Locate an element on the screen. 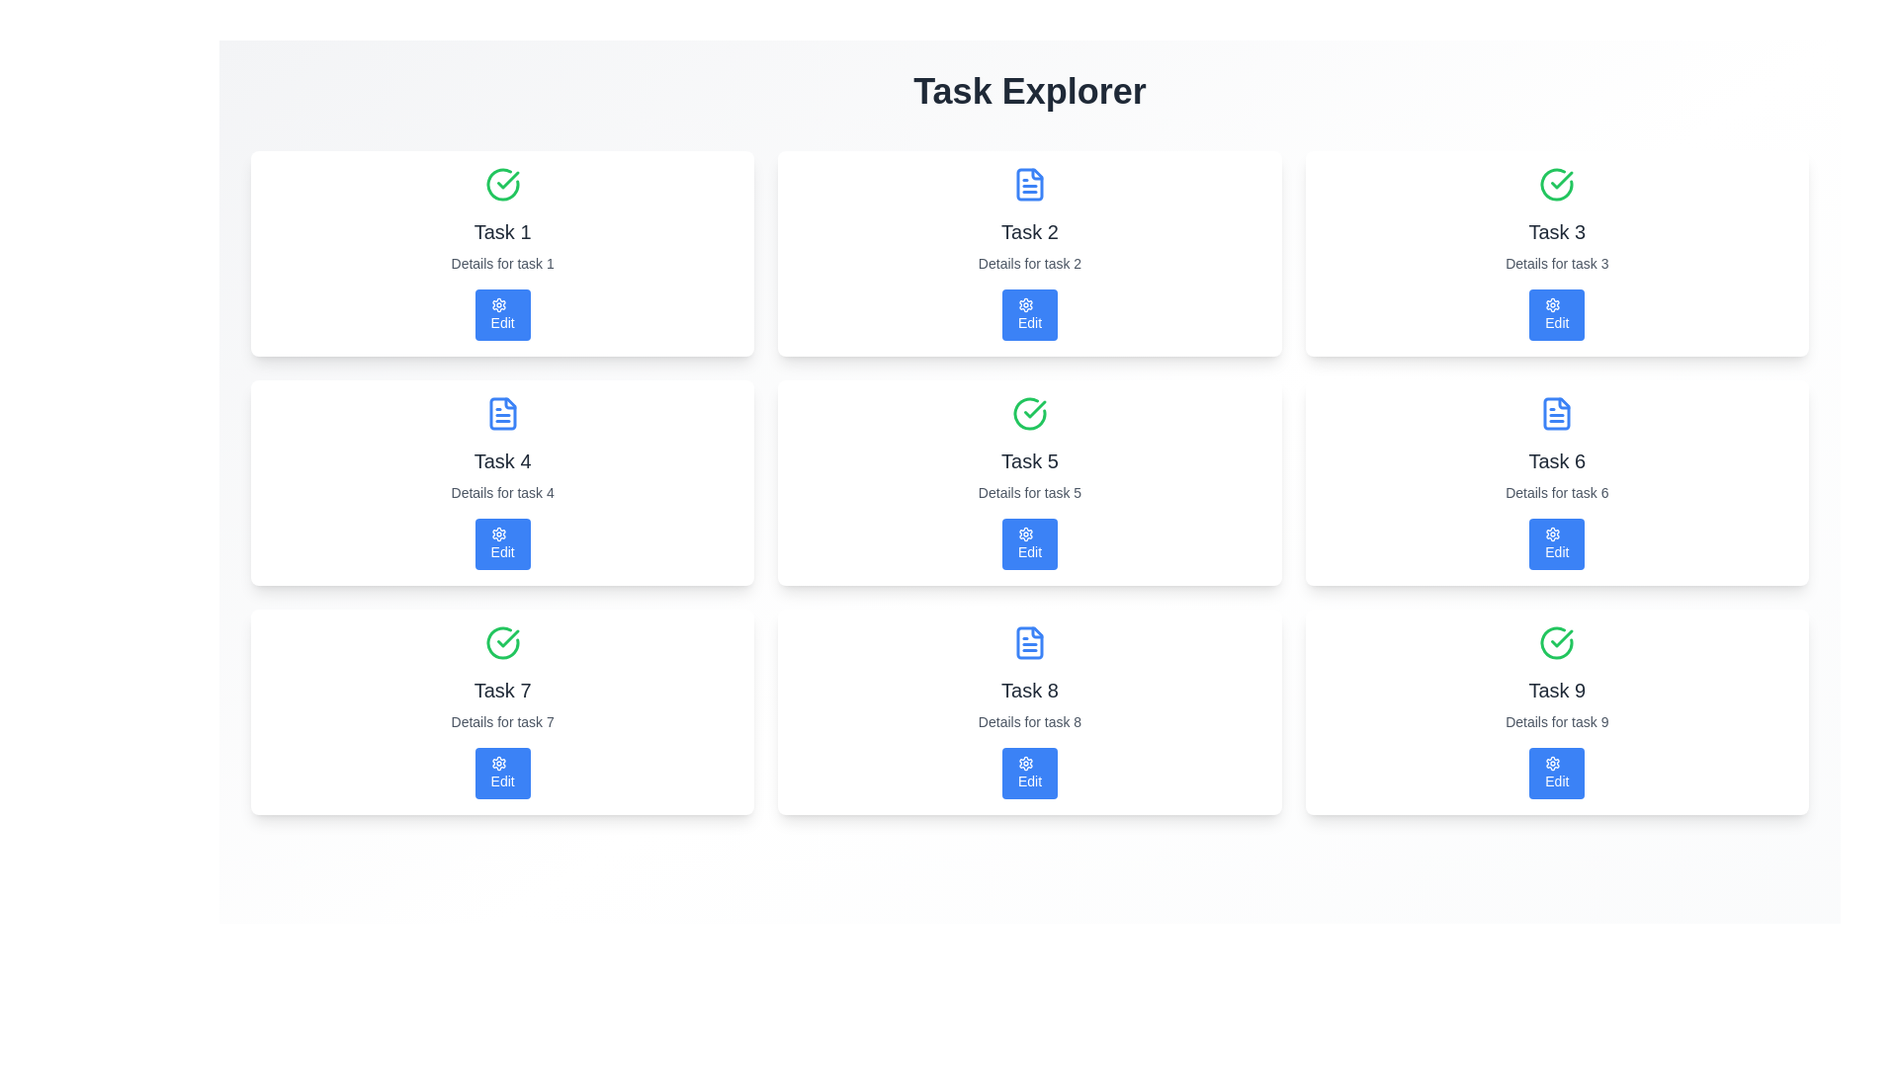 Image resolution: width=1898 pixels, height=1067 pixels. the 'Task 3' label displayed in bold font, located in the third position of the first row of a grid layout is located at coordinates (1556, 231).